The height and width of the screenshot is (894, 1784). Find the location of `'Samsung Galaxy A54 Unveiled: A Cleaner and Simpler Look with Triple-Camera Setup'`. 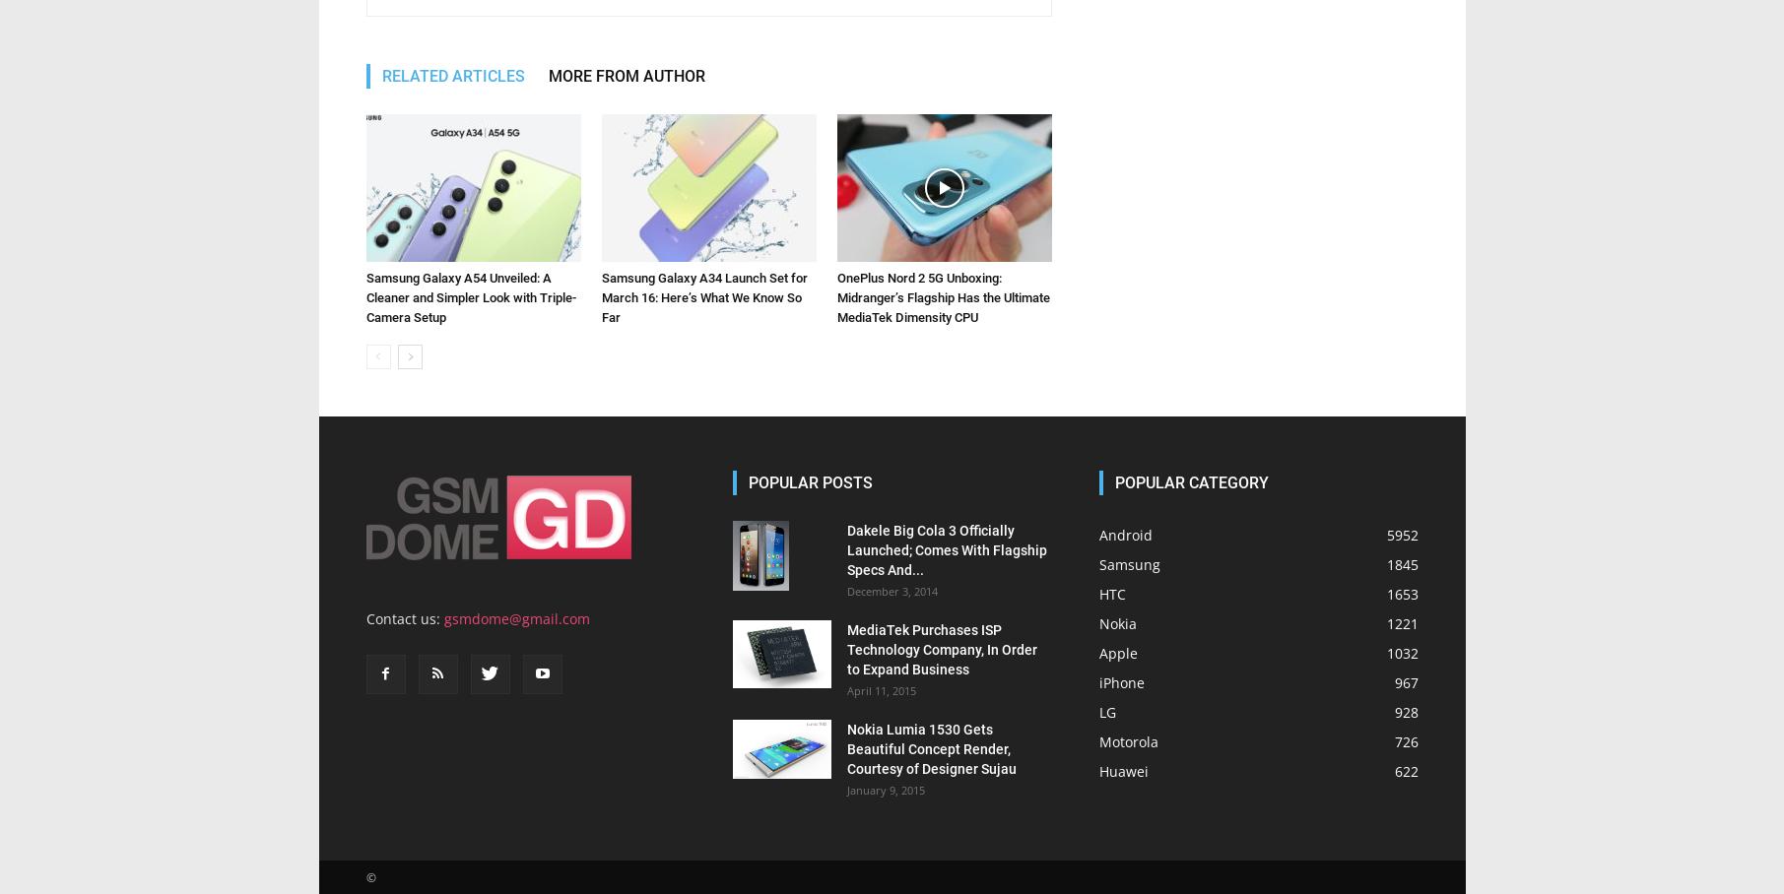

'Samsung Galaxy A54 Unveiled: A Cleaner and Simpler Look with Triple-Camera Setup' is located at coordinates (470, 297).